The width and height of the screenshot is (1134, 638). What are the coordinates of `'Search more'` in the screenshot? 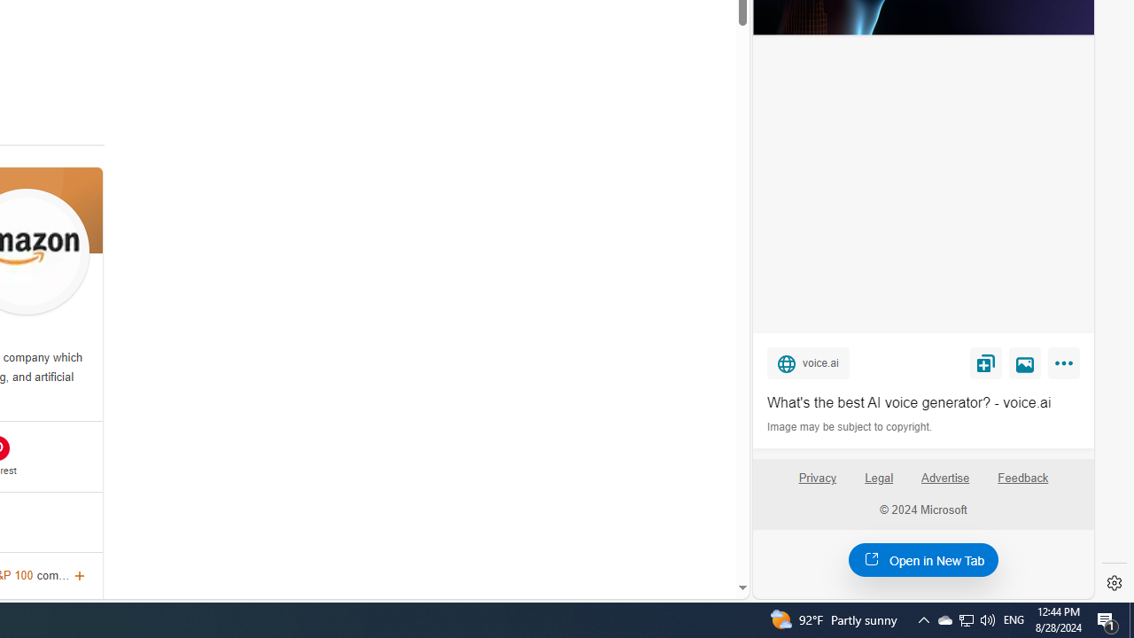 It's located at (701, 534).